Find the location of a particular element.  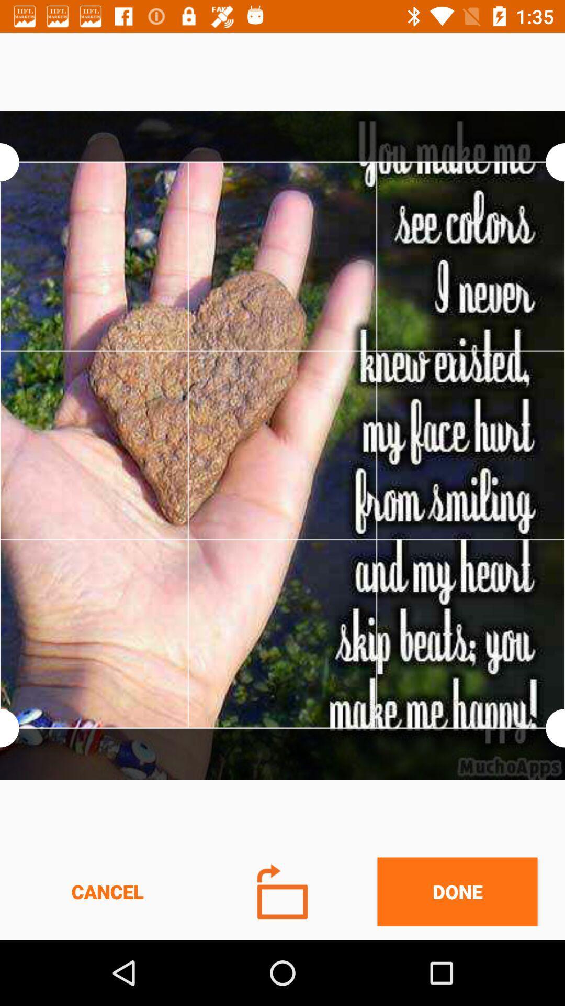

button next to the cancel icon is located at coordinates (282, 891).